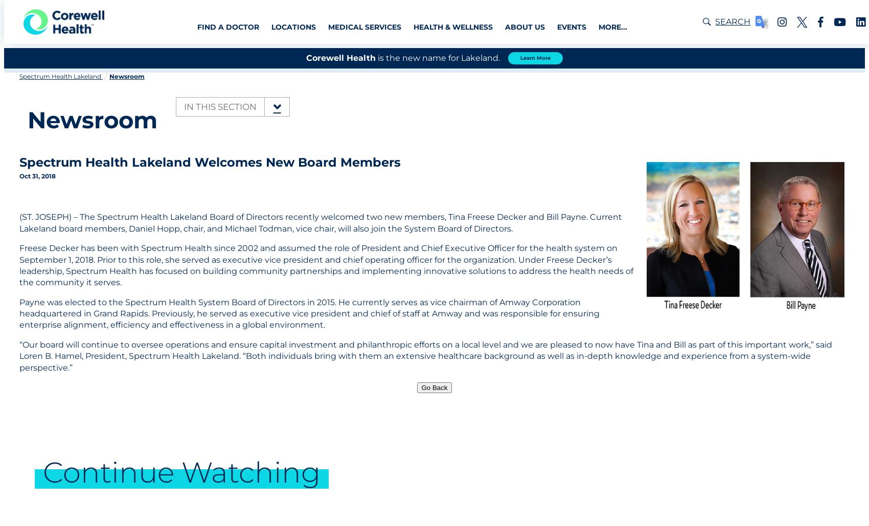 The height and width of the screenshot is (526, 869). I want to click on 'Spectrum Health Lakeland Welcomes New Board Members', so click(210, 162).